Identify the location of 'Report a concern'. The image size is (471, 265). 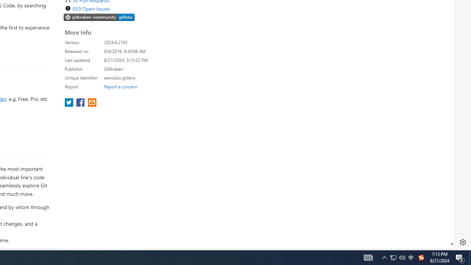
(120, 86).